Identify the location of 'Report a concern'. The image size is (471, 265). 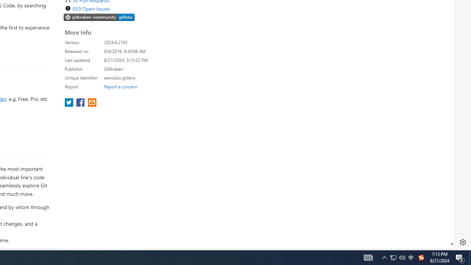
(120, 86).